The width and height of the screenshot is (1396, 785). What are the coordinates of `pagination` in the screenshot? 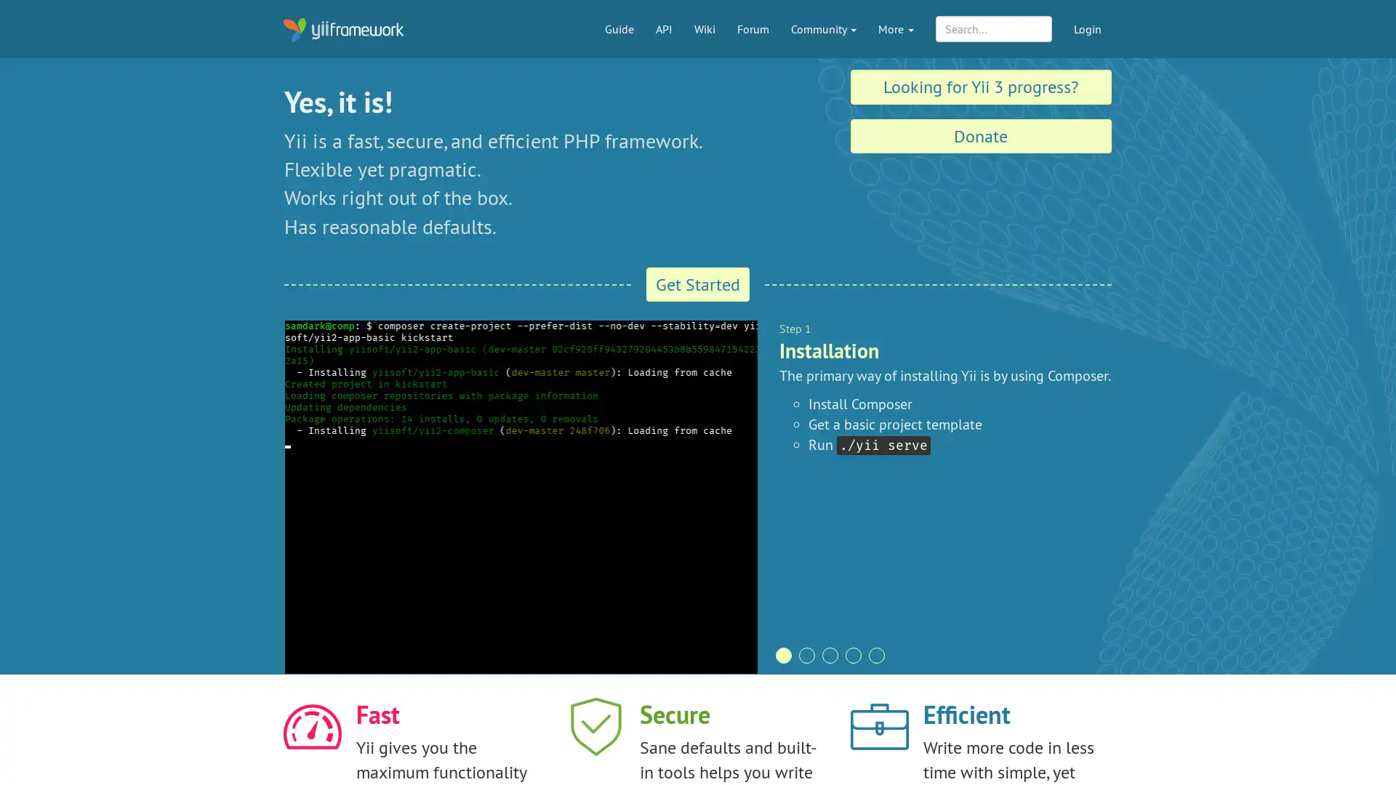 It's located at (854, 656).